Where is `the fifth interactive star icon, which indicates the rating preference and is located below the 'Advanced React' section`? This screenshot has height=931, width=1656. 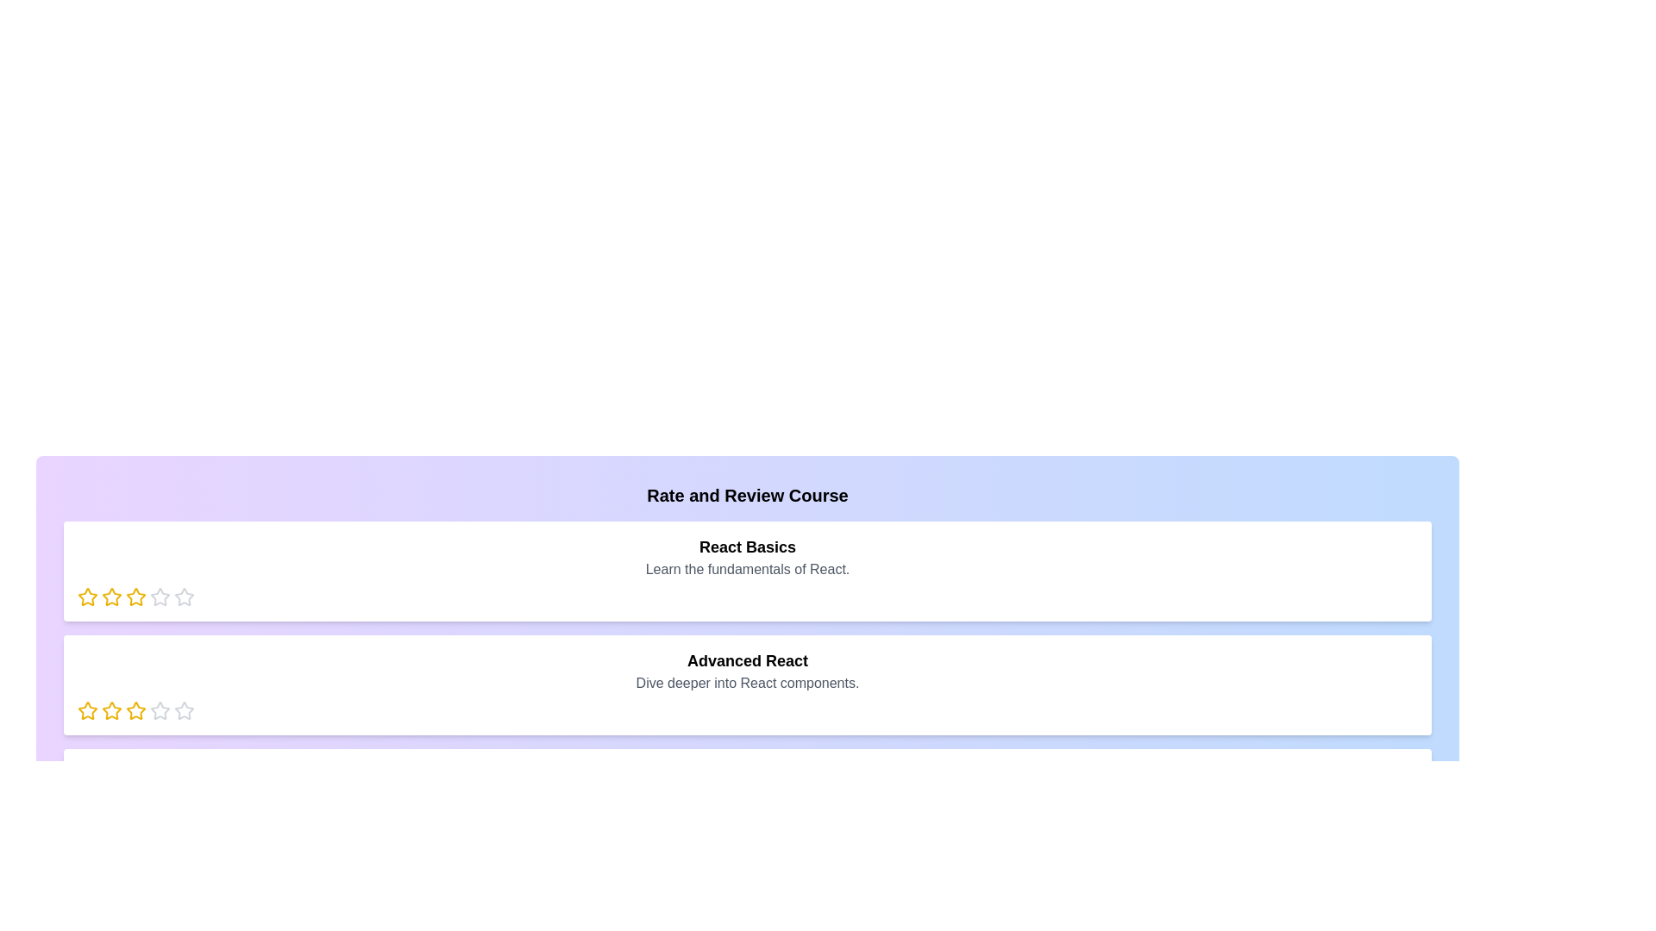 the fifth interactive star icon, which indicates the rating preference and is located below the 'Advanced React' section is located at coordinates (185, 711).